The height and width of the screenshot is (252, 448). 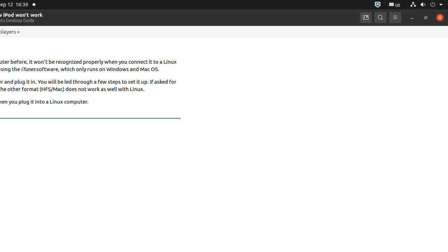 What do you see at coordinates (426, 17) in the screenshot?
I see `'Restore'` at bounding box center [426, 17].